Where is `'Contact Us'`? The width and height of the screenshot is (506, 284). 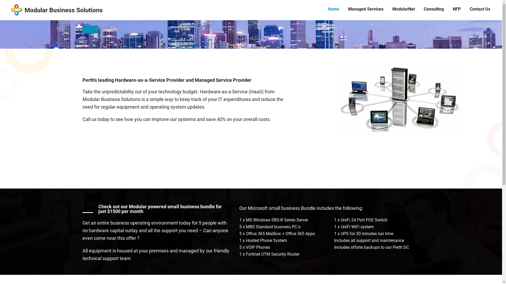 'Contact Us' is located at coordinates (480, 9).